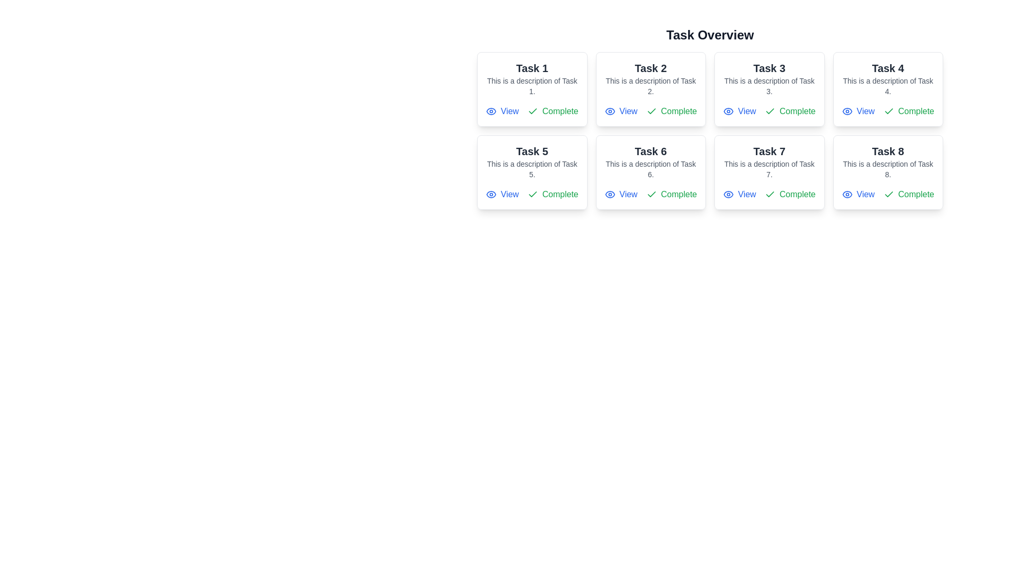 The height and width of the screenshot is (568, 1010). What do you see at coordinates (908, 111) in the screenshot?
I see `the interactive button located in the second row, second column of the grid layout, beneath 'Task 4' and to the right of the 'View' button, to mark the task as completed` at bounding box center [908, 111].